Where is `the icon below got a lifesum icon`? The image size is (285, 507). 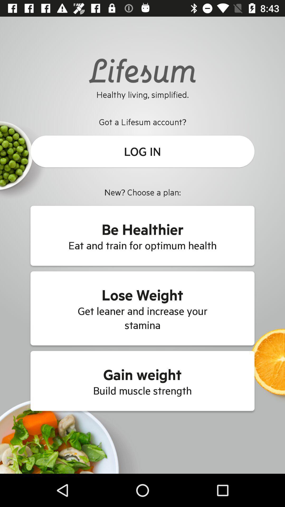 the icon below got a lifesum icon is located at coordinates (142, 151).